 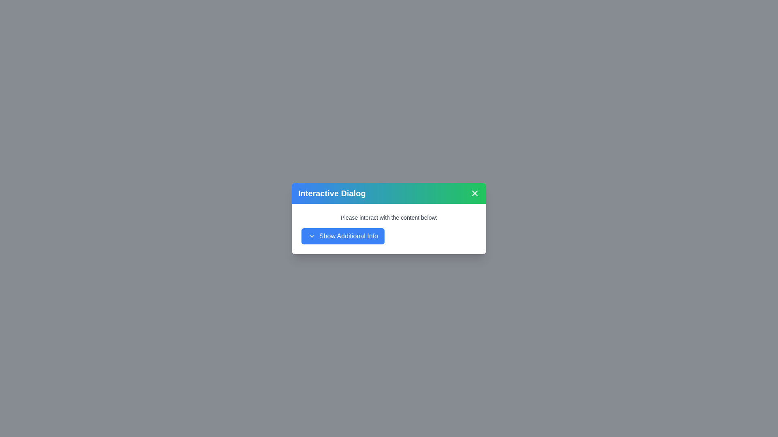 What do you see at coordinates (389, 217) in the screenshot?
I see `static text that says 'Please interact with the content below:' which is styled in dark gray and positioned above the blue button labeled 'Show Additional Info'` at bounding box center [389, 217].